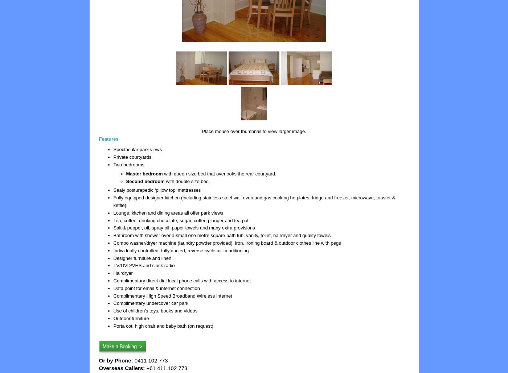 The height and width of the screenshot is (373, 508). What do you see at coordinates (222, 235) in the screenshot?
I see `'Bathroom with shower over a small one  metre square bath tub, vanity, toilet, hairdryer and quality towels'` at bounding box center [222, 235].